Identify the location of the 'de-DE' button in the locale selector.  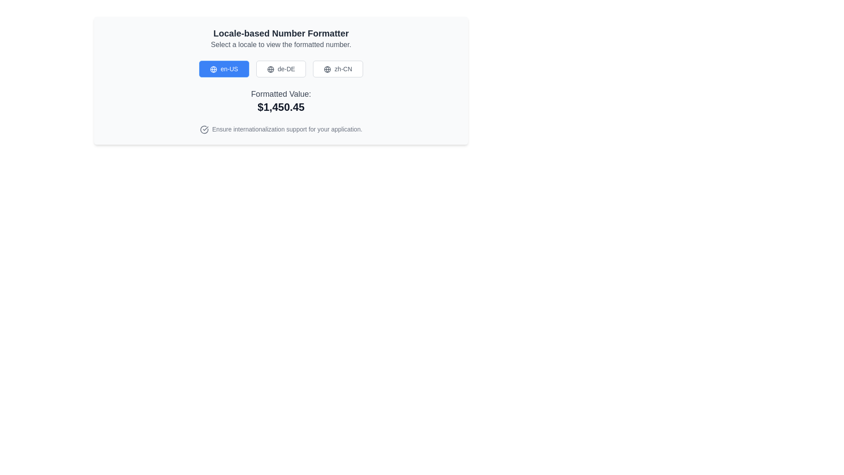
(280, 80).